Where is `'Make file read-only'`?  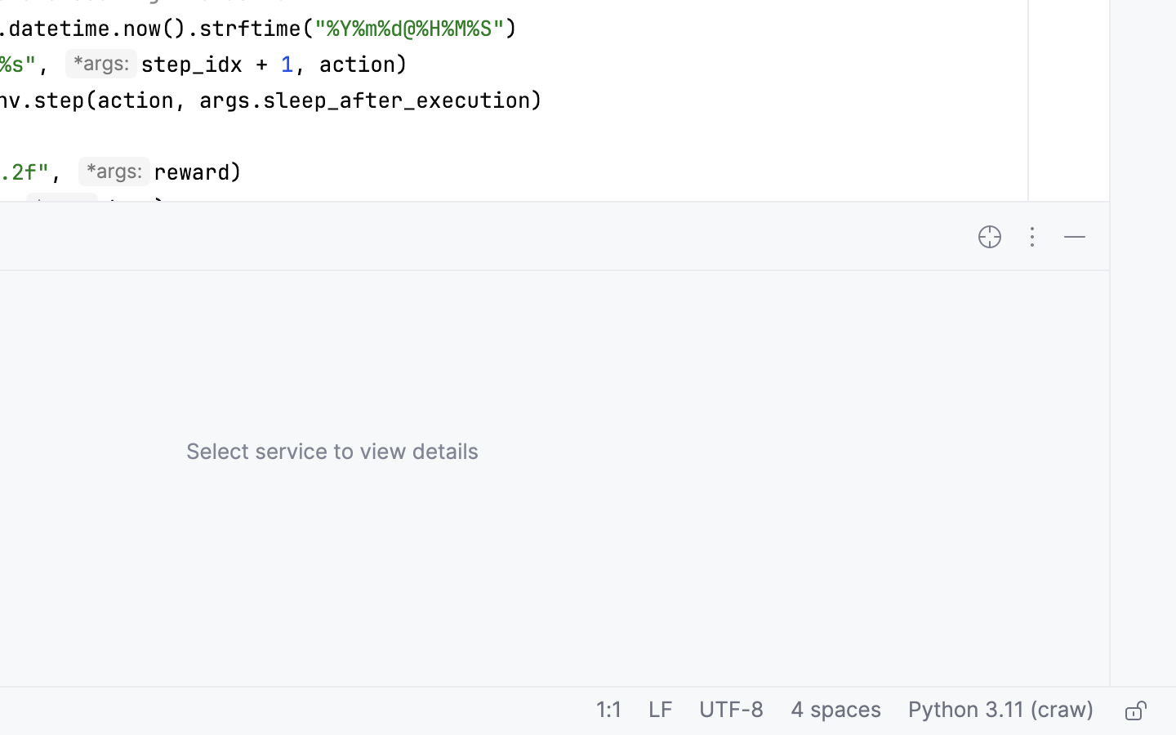 'Make file read-only' is located at coordinates (1134, 711).